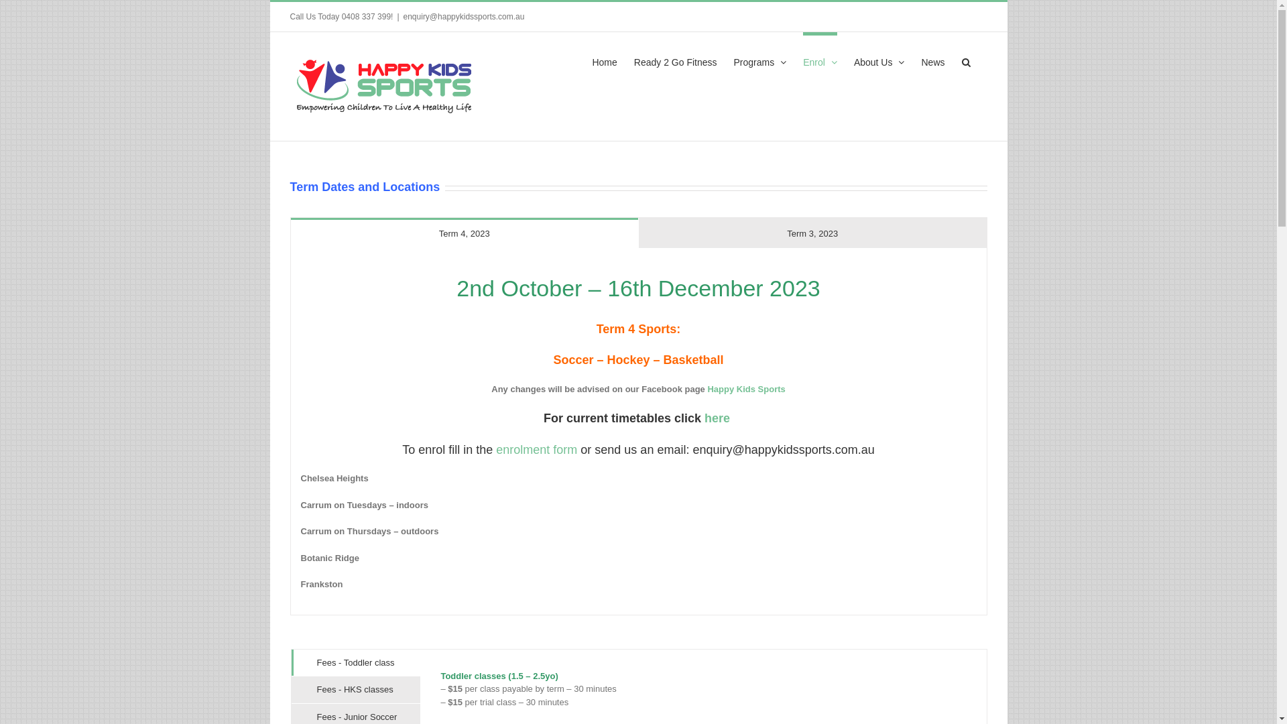  Describe the element at coordinates (965, 59) in the screenshot. I see `'Search'` at that location.